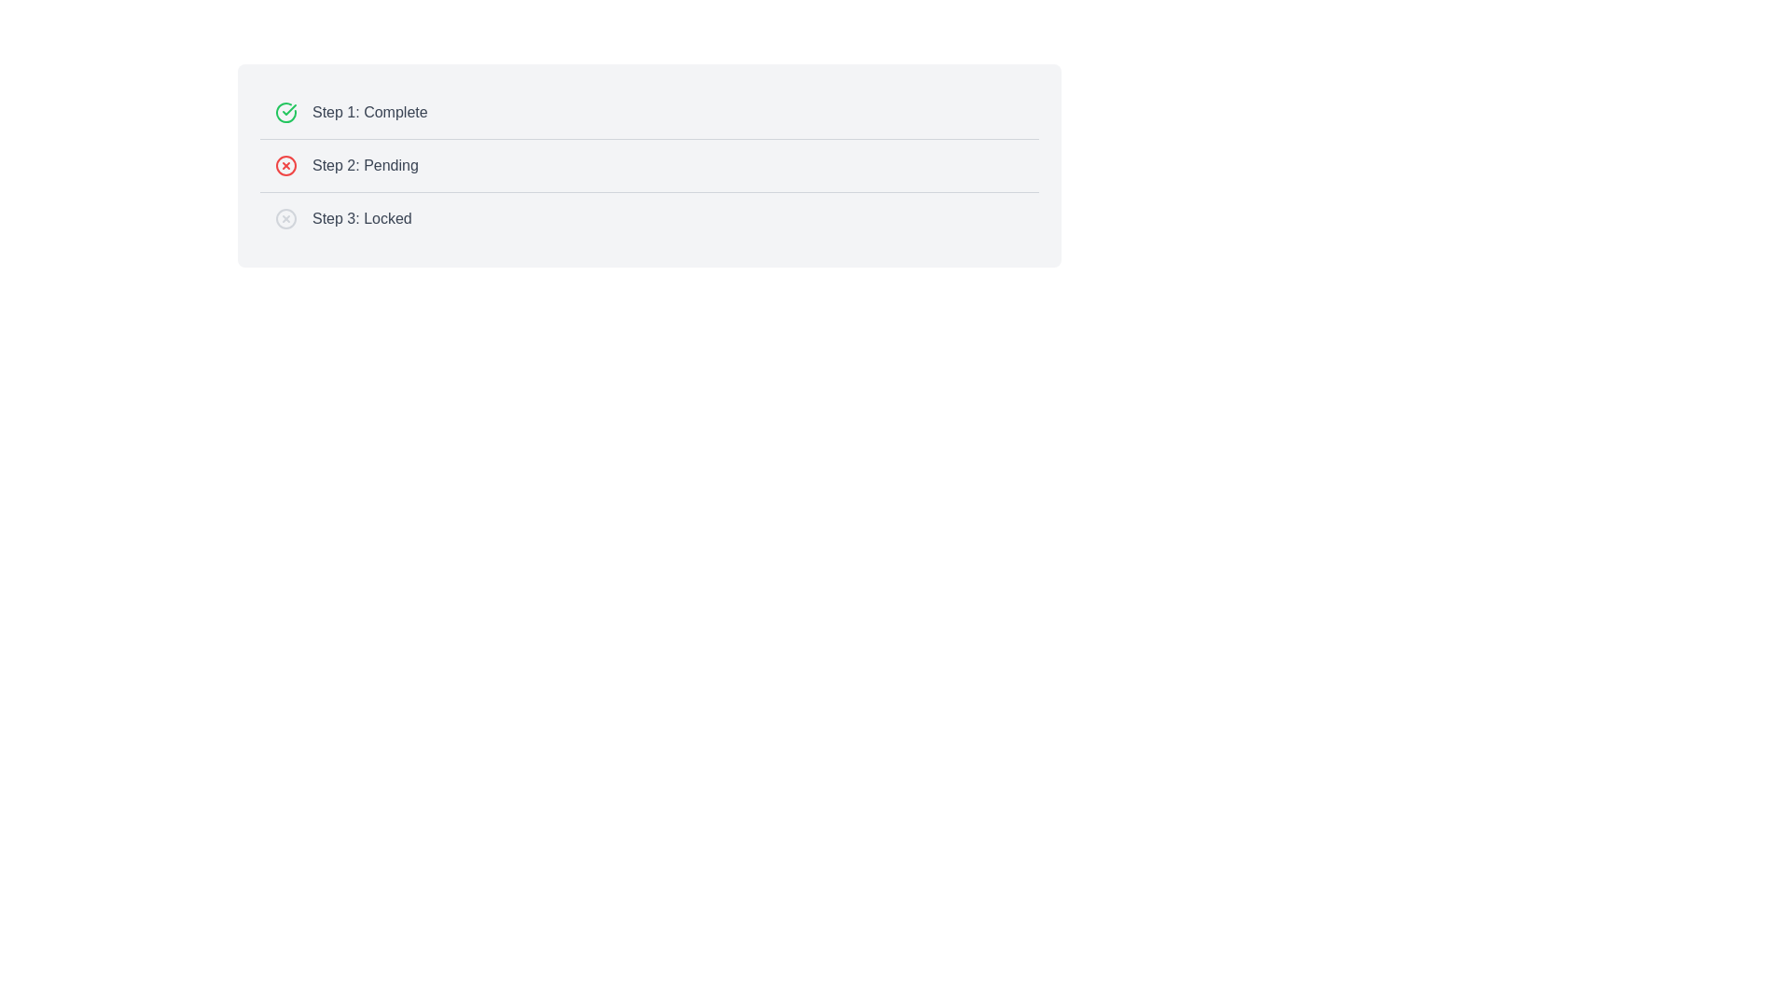  What do you see at coordinates (365, 164) in the screenshot?
I see `the 'Pending' status indicator for 'Step 2', which is located below 'Step 1: Complete' and above 'Step 3: Locked'` at bounding box center [365, 164].